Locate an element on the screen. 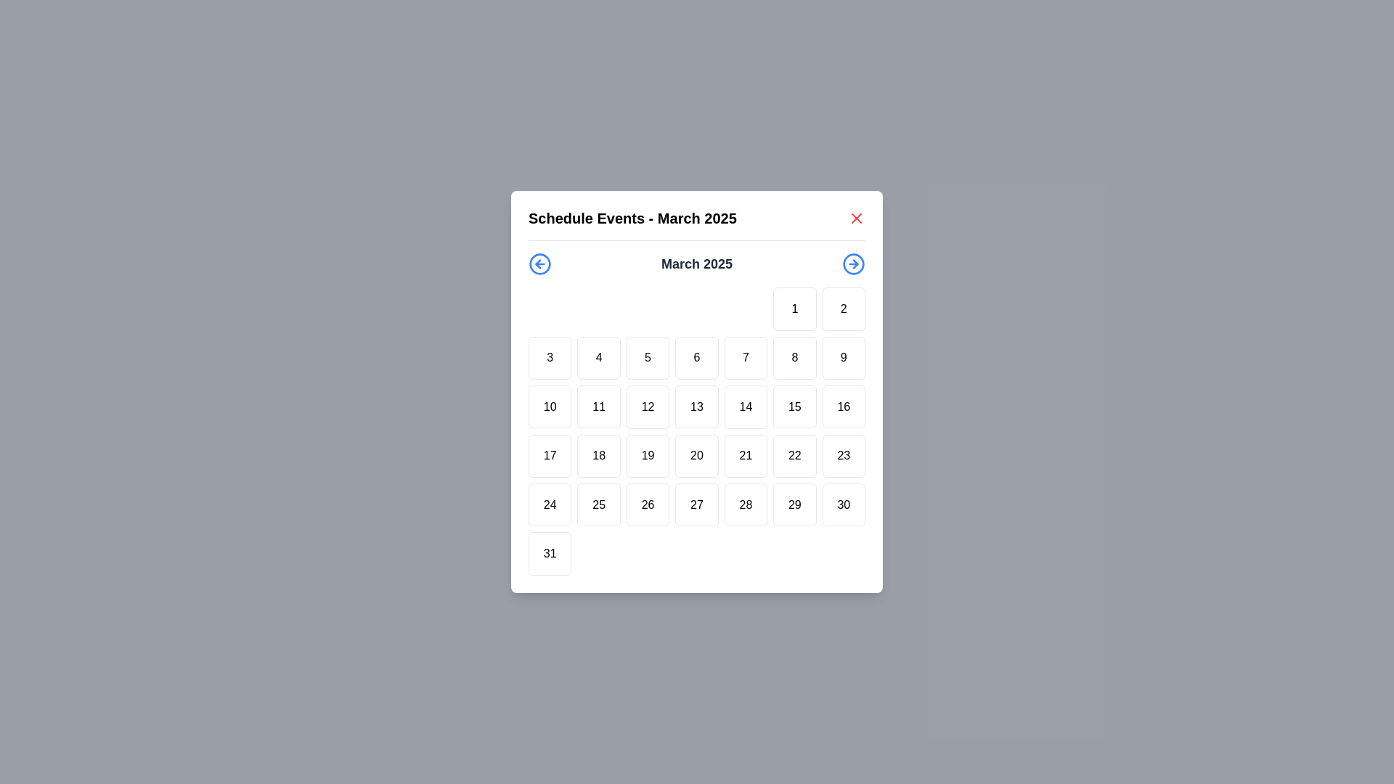  the button representing the 28th day in the calendar within the 'Schedule Events - March 2025' modal to trigger a visual change is located at coordinates (746, 504).